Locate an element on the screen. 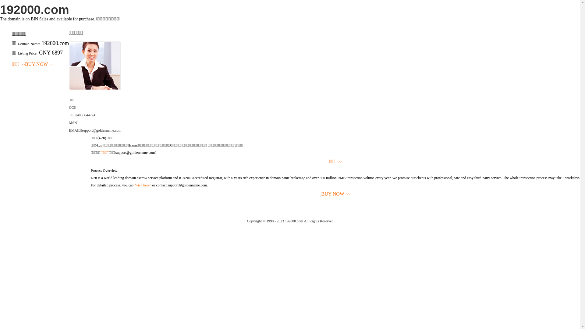 This screenshot has width=585, height=329. 'BUY NOW>>' is located at coordinates (39, 64).